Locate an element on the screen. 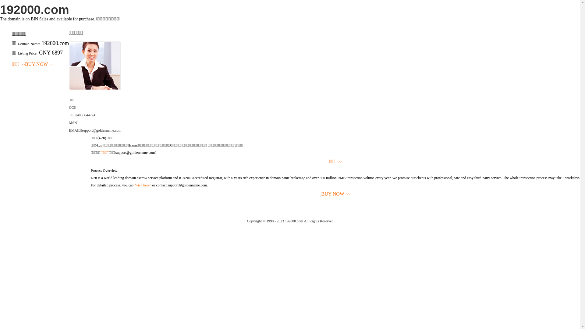 This screenshot has width=585, height=329. 'BUY NOW>>' is located at coordinates (39, 64).